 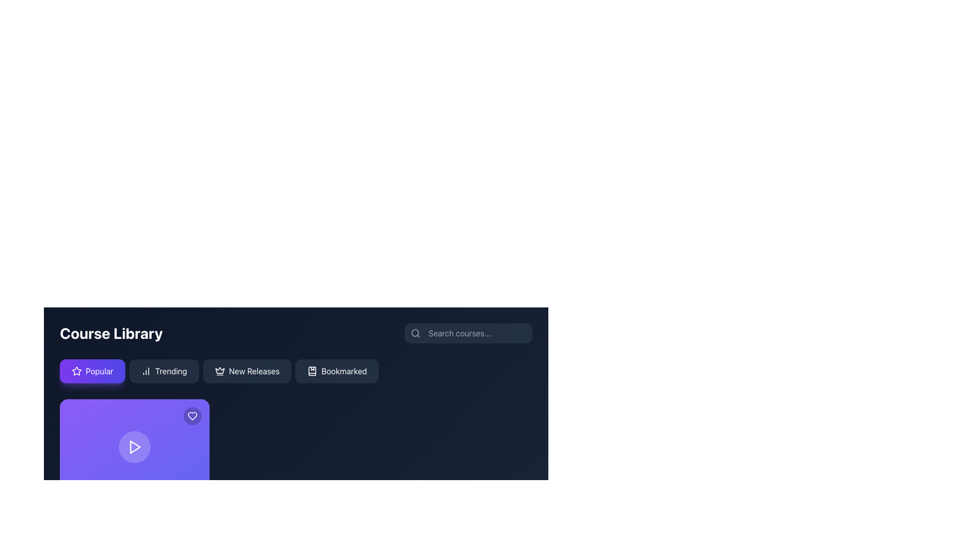 What do you see at coordinates (171, 371) in the screenshot?
I see `the 'Trending' text label within the navigational button` at bounding box center [171, 371].